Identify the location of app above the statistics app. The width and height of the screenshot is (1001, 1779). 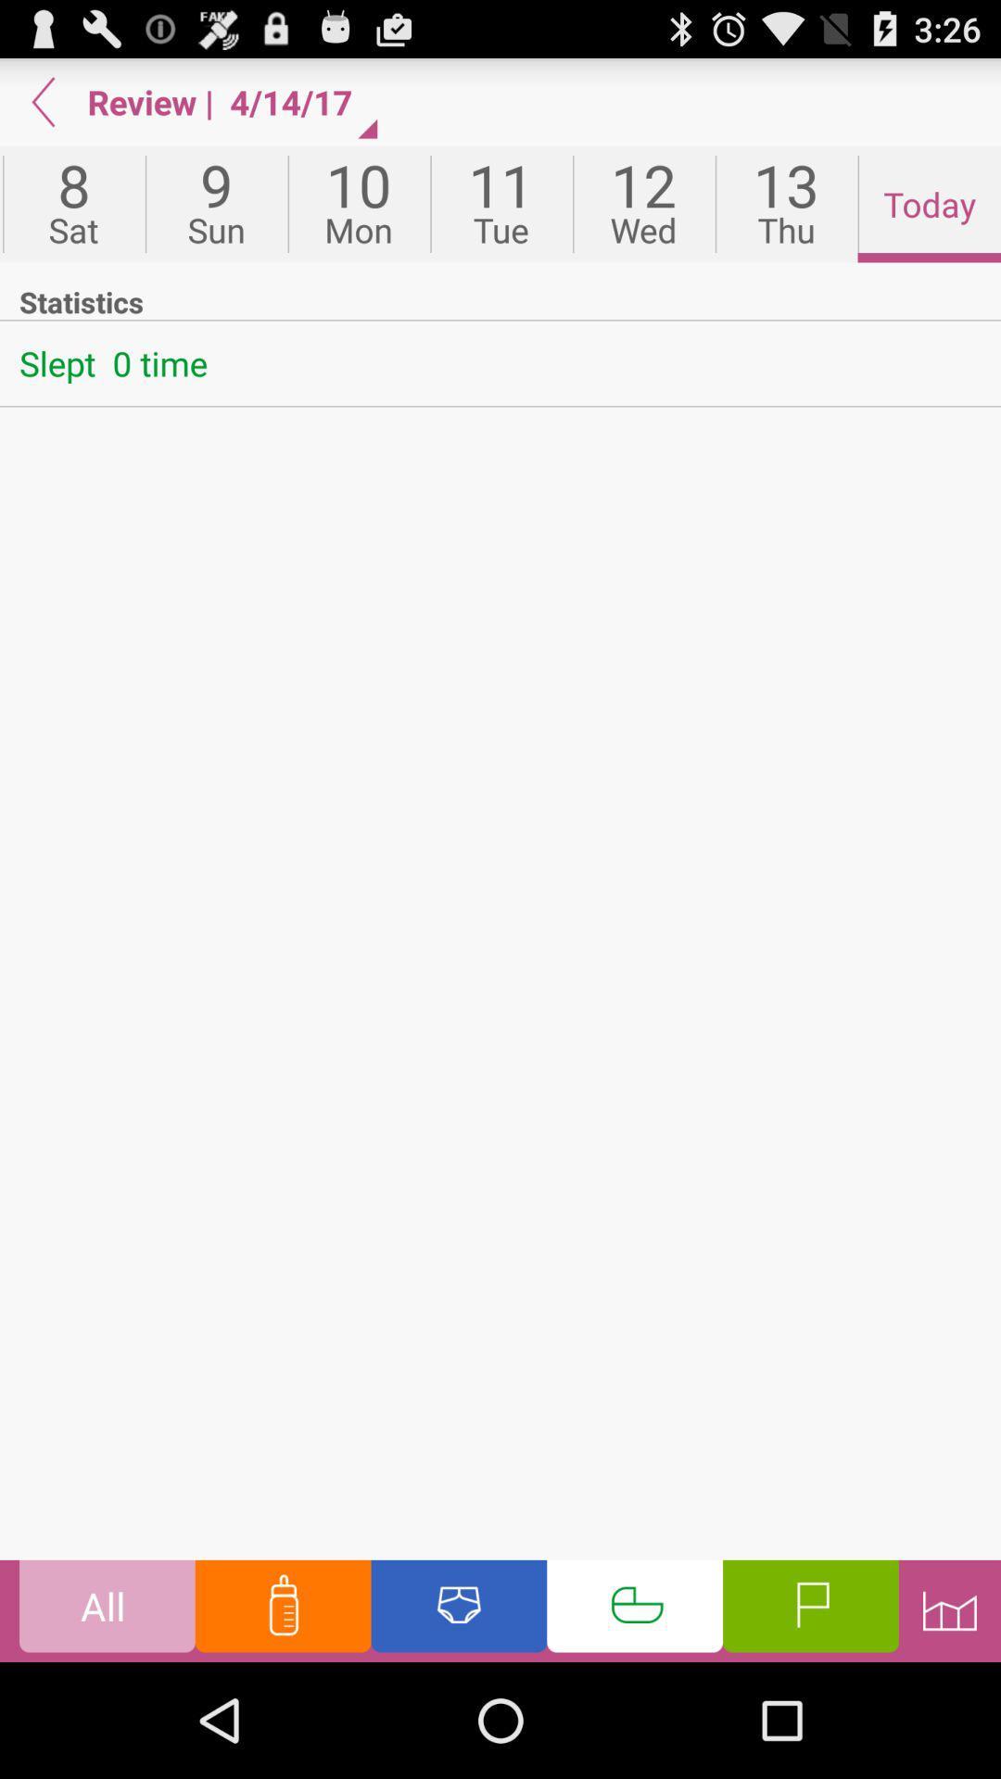
(642, 204).